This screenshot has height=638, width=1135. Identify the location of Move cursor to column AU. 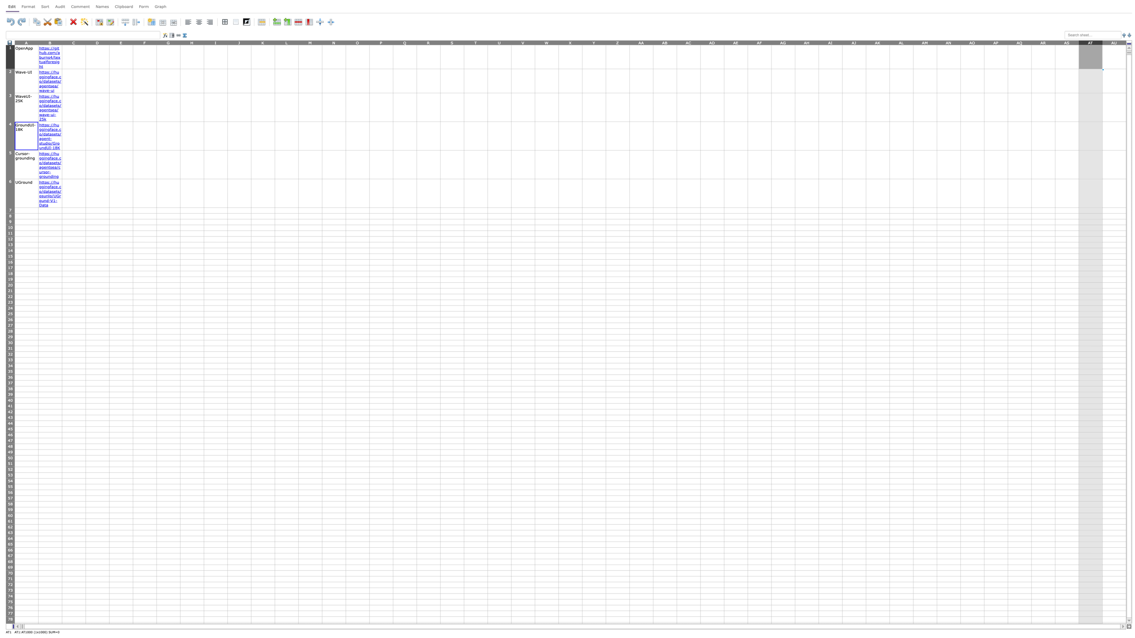
(1114, 42).